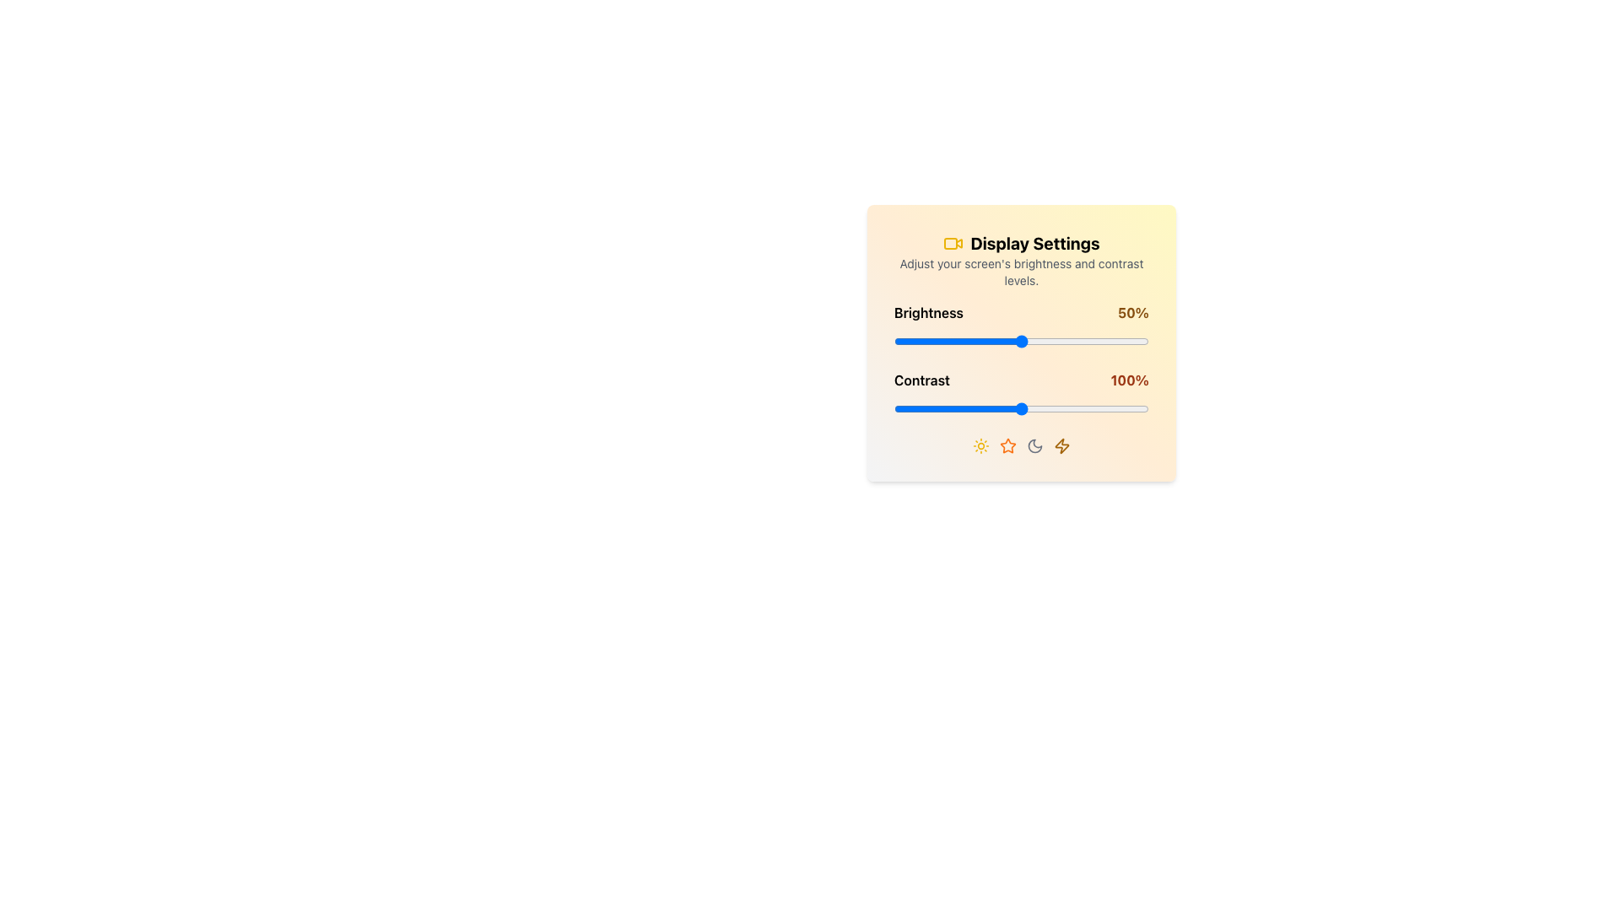  Describe the element at coordinates (937, 409) in the screenshot. I see `contrast` at that location.